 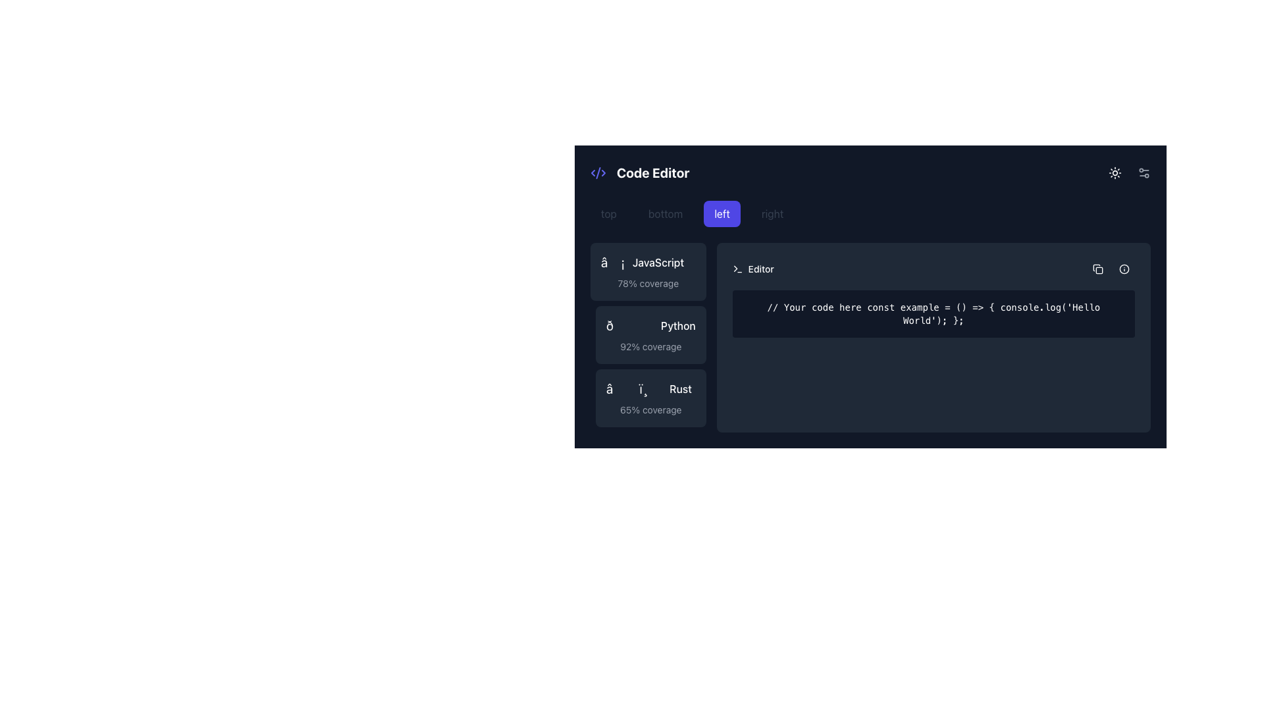 I want to click on the lightning bolt icon located to the left of the 'JavaScript' text in the programming language module, so click(x=612, y=262).